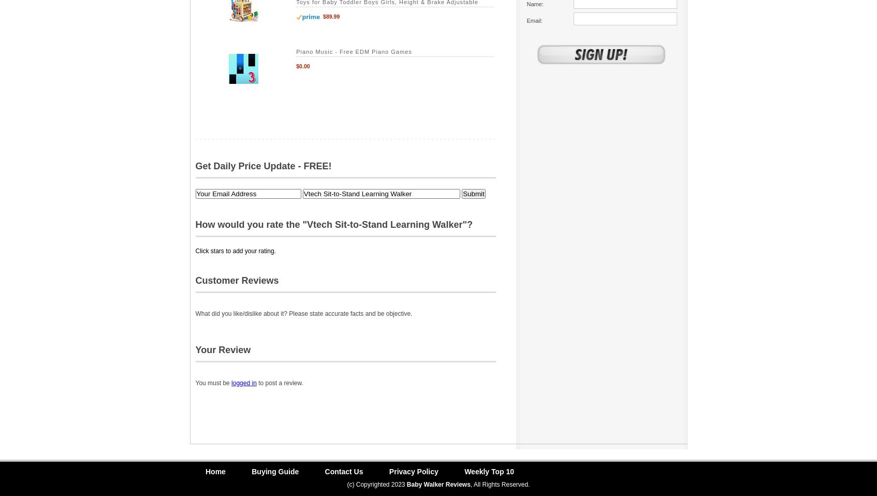 The width and height of the screenshot is (877, 496). What do you see at coordinates (526, 19) in the screenshot?
I see `'Email:'` at bounding box center [526, 19].